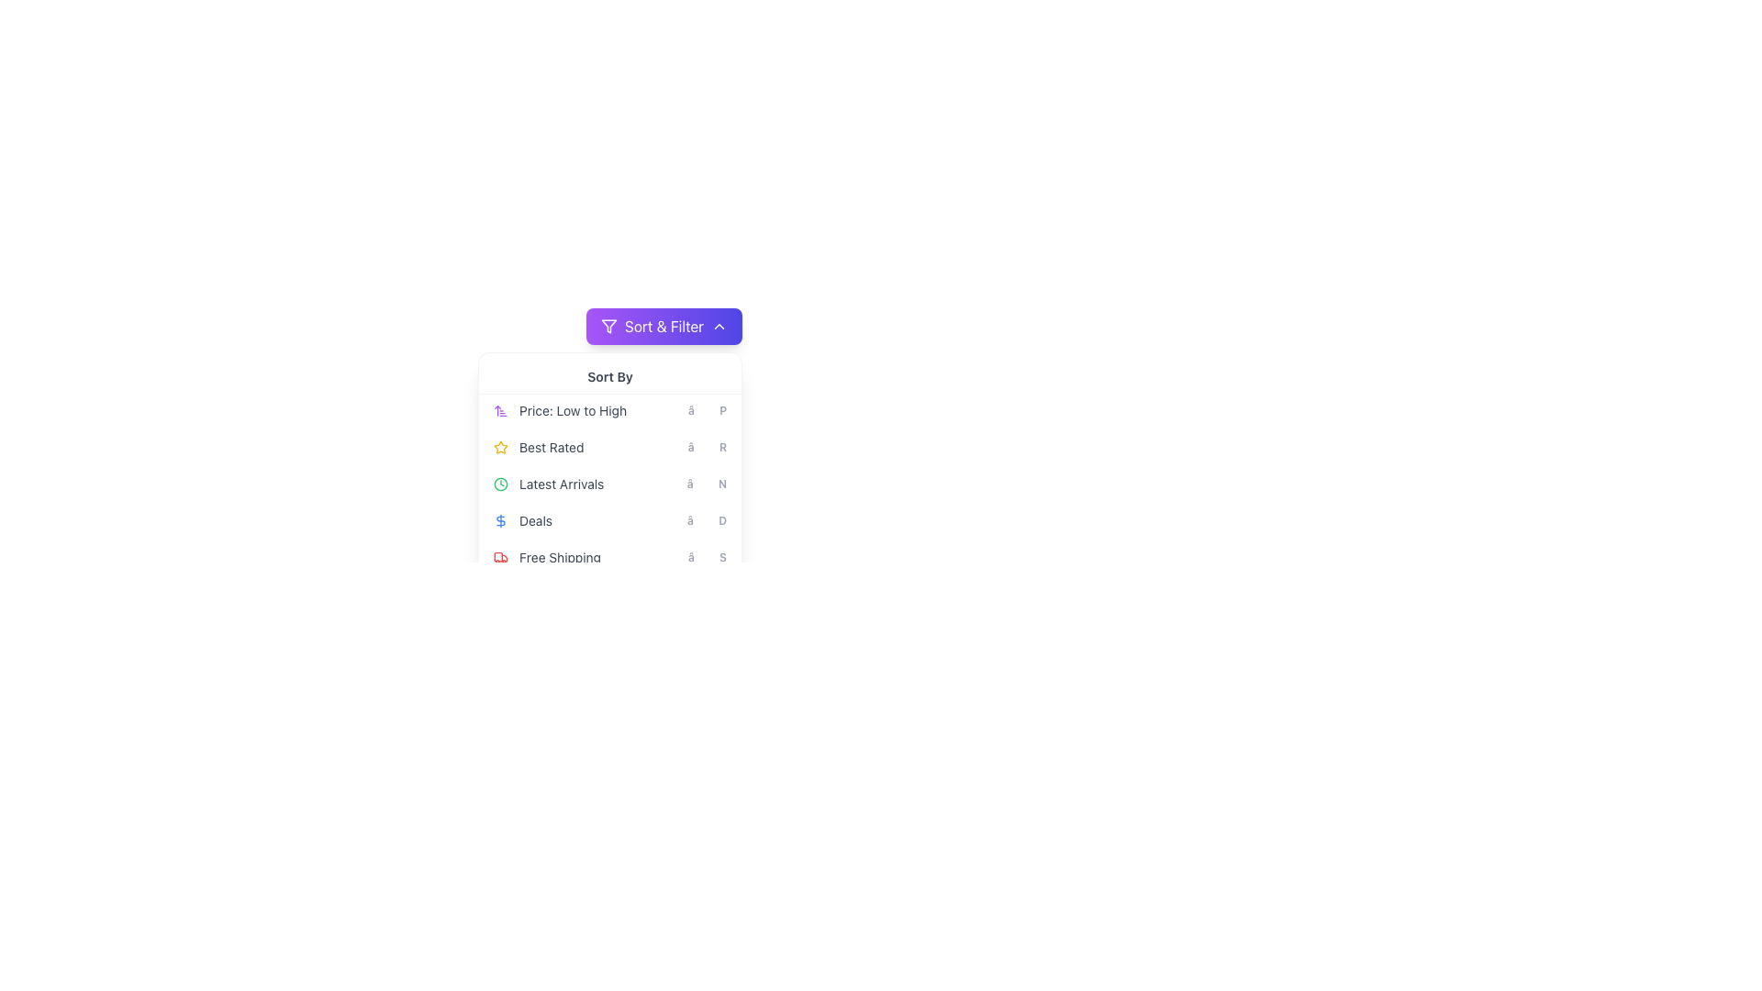 This screenshot has width=1762, height=991. What do you see at coordinates (551, 448) in the screenshot?
I see `the 'Best Rated' static text label which serves as a sorting option description, positioned after 'Price: Low to High' in the sorting criteria list` at bounding box center [551, 448].